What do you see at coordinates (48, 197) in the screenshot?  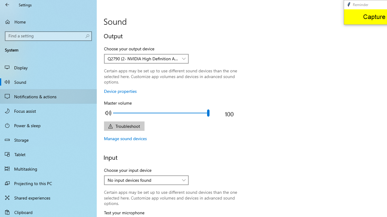 I see `'Shared experiences'` at bounding box center [48, 197].